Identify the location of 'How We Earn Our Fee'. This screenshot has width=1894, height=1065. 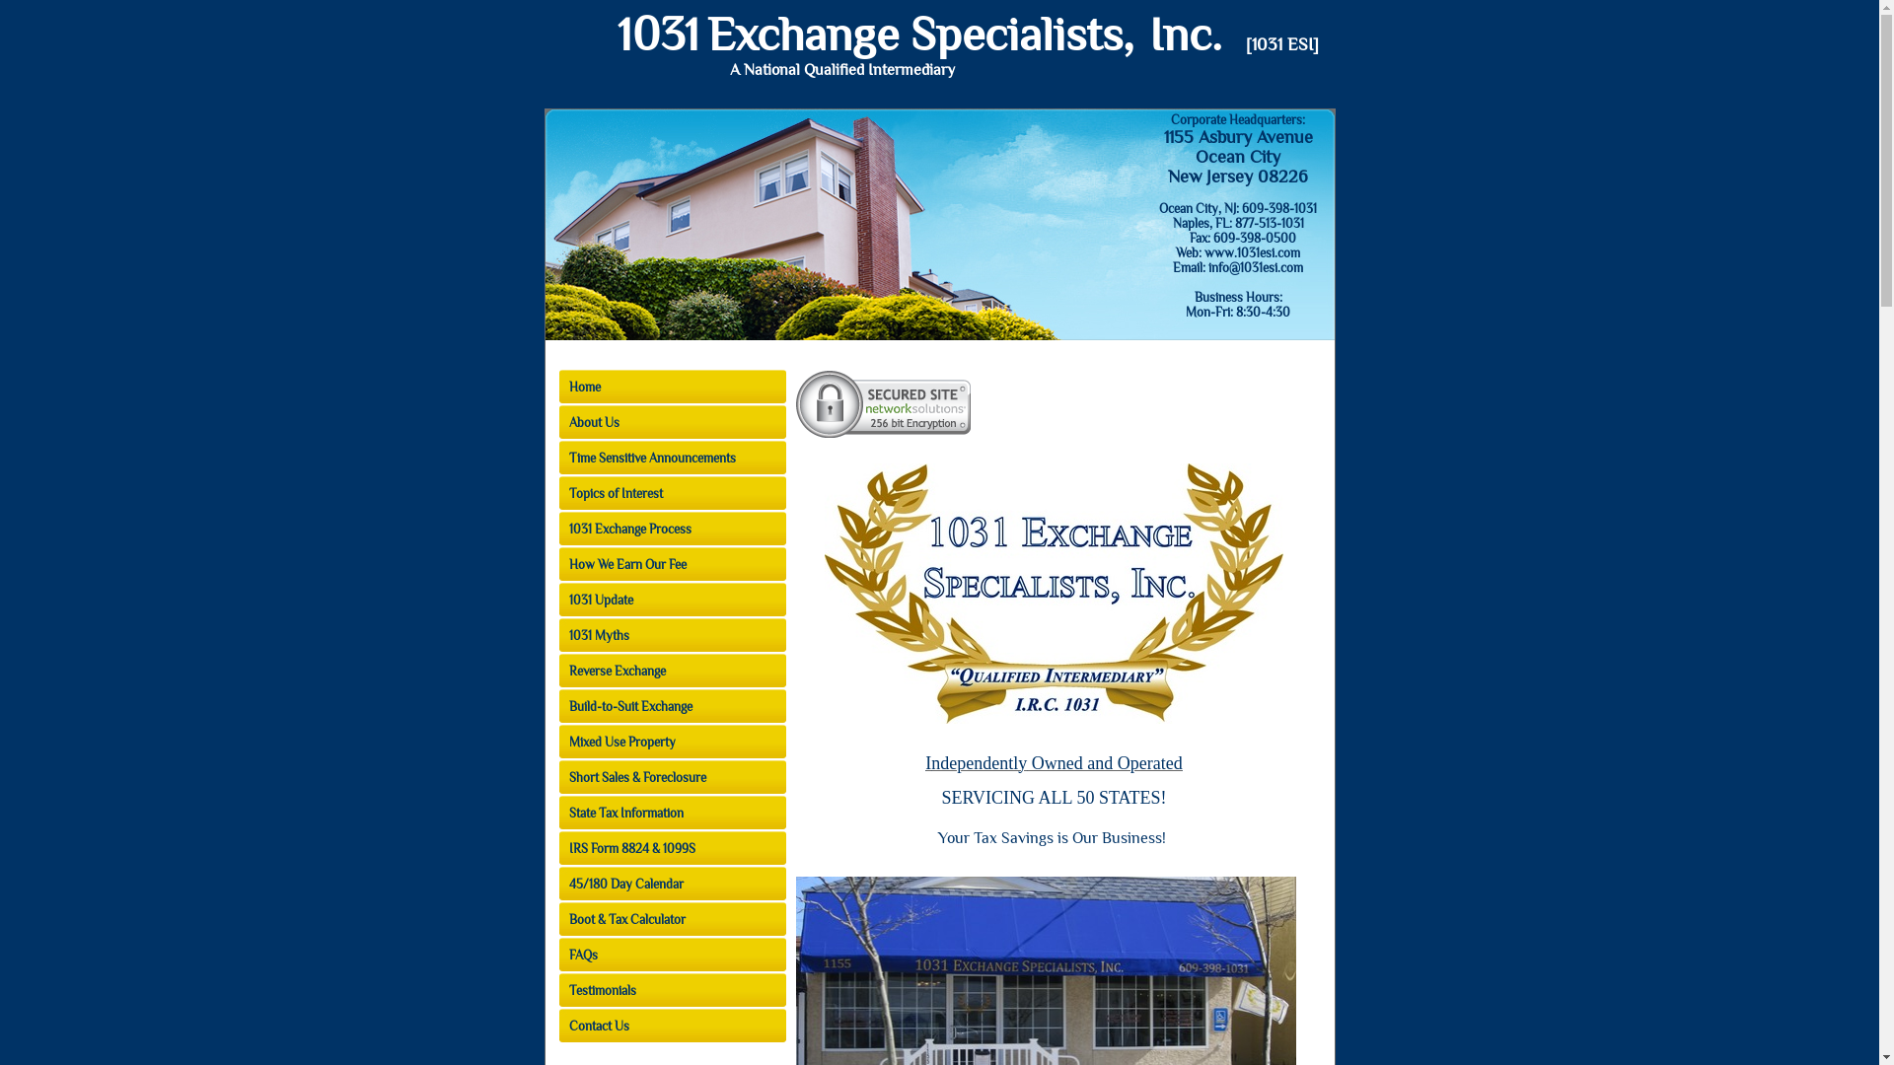
(672, 564).